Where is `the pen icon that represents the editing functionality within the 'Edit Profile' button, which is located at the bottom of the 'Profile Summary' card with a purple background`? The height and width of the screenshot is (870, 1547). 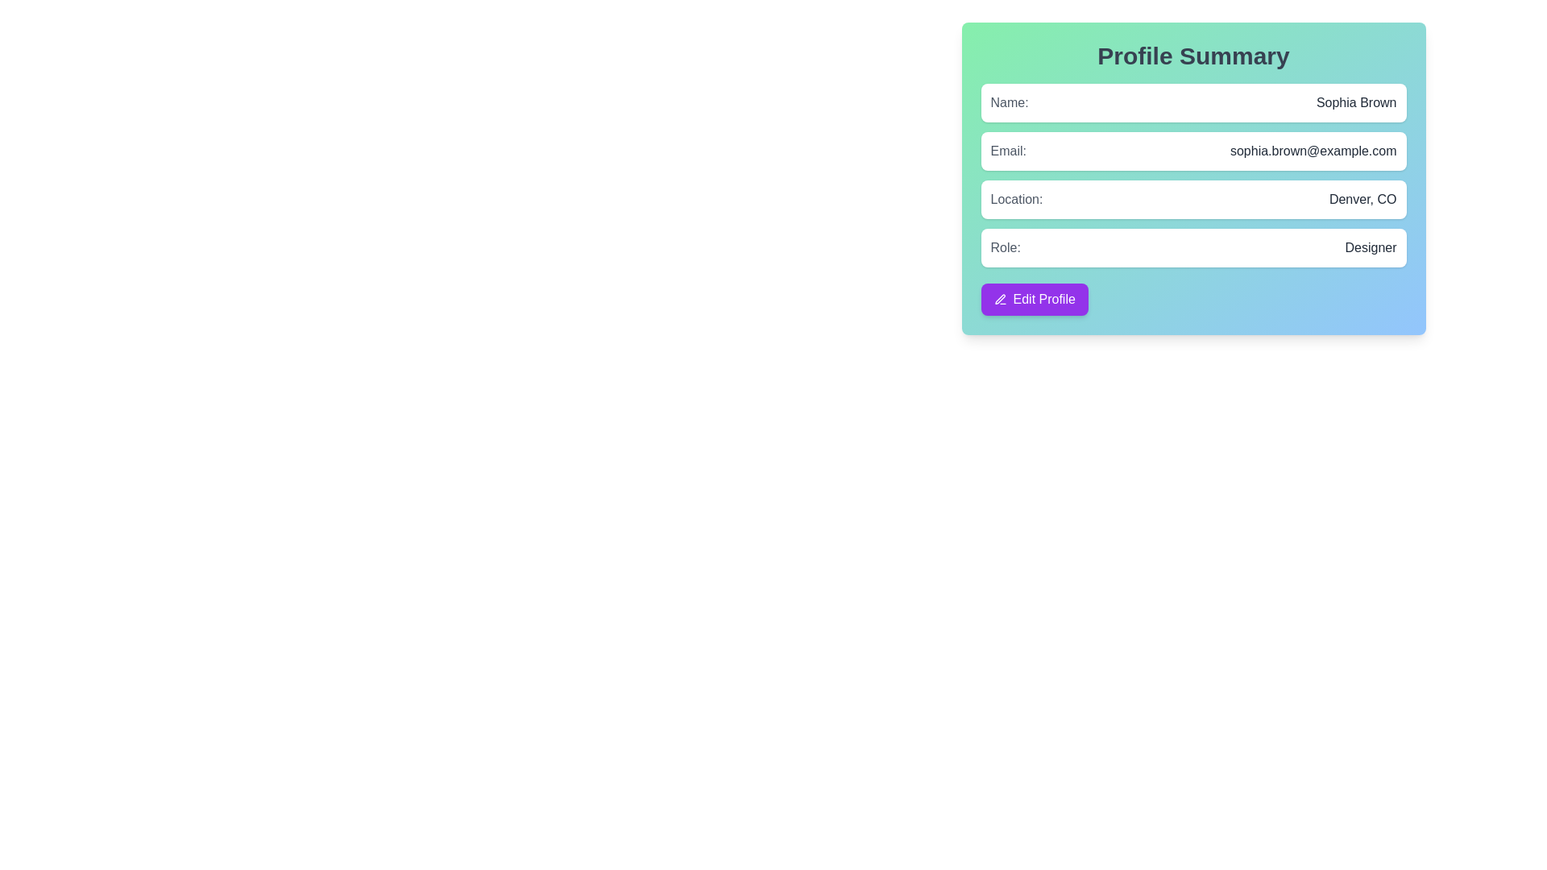
the pen icon that represents the editing functionality within the 'Edit Profile' button, which is located at the bottom of the 'Profile Summary' card with a purple background is located at coordinates (999, 299).